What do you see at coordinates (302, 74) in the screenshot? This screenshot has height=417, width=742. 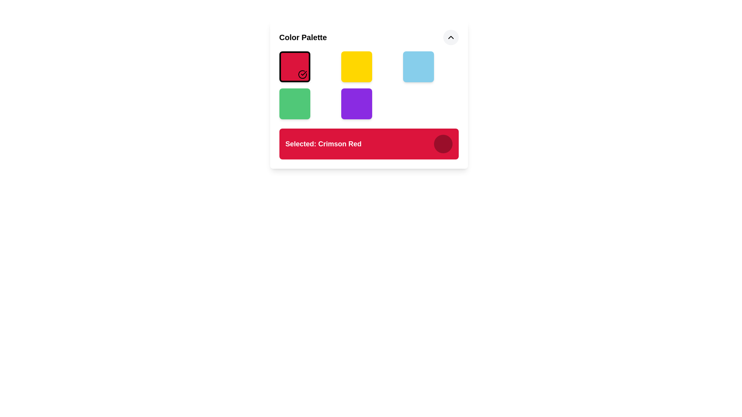 I see `the circular checkmark icon located in the bottom-right corner of the top-left red square in the color palette to interact with it` at bounding box center [302, 74].